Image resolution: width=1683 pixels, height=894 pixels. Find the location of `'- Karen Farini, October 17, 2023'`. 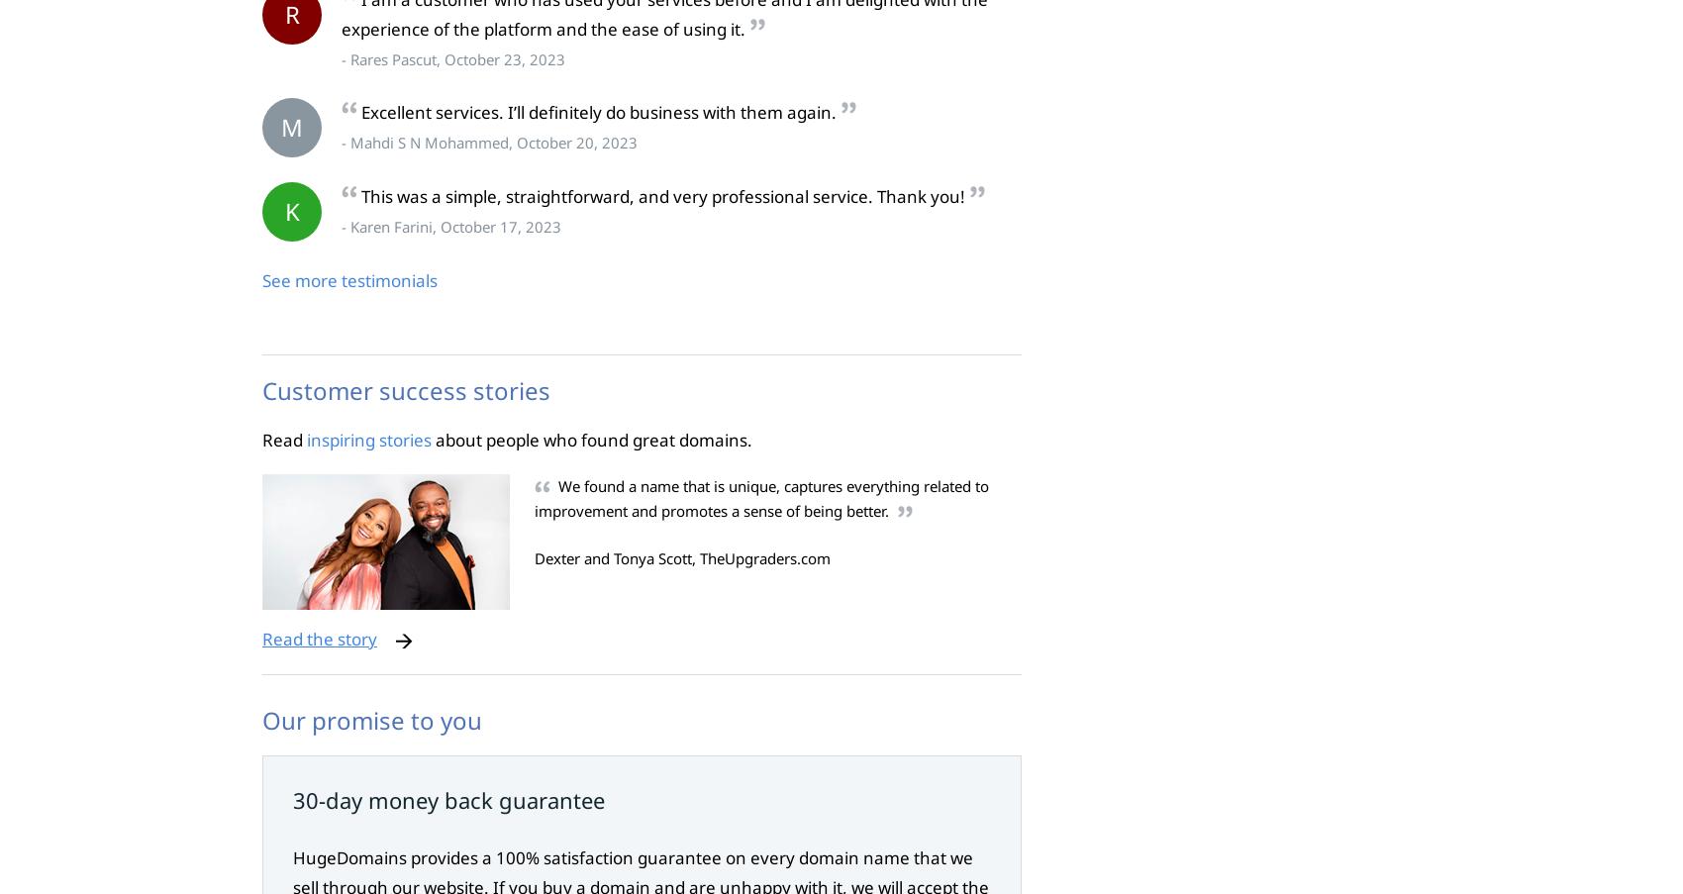

'- Karen Farini, October 17, 2023' is located at coordinates (450, 227).